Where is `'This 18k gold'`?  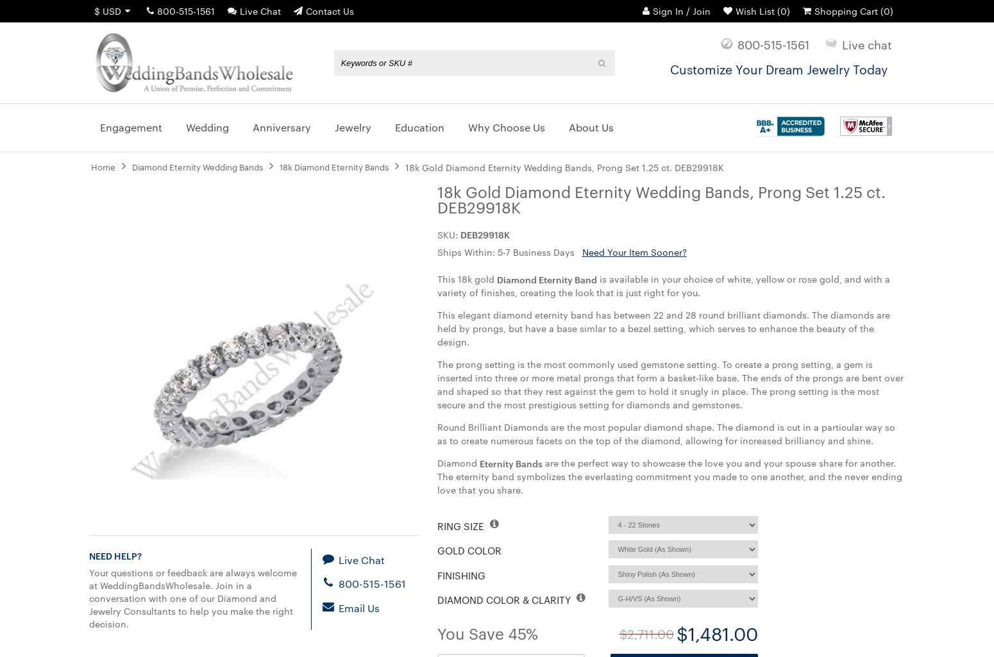
'This 18k gold' is located at coordinates (466, 277).